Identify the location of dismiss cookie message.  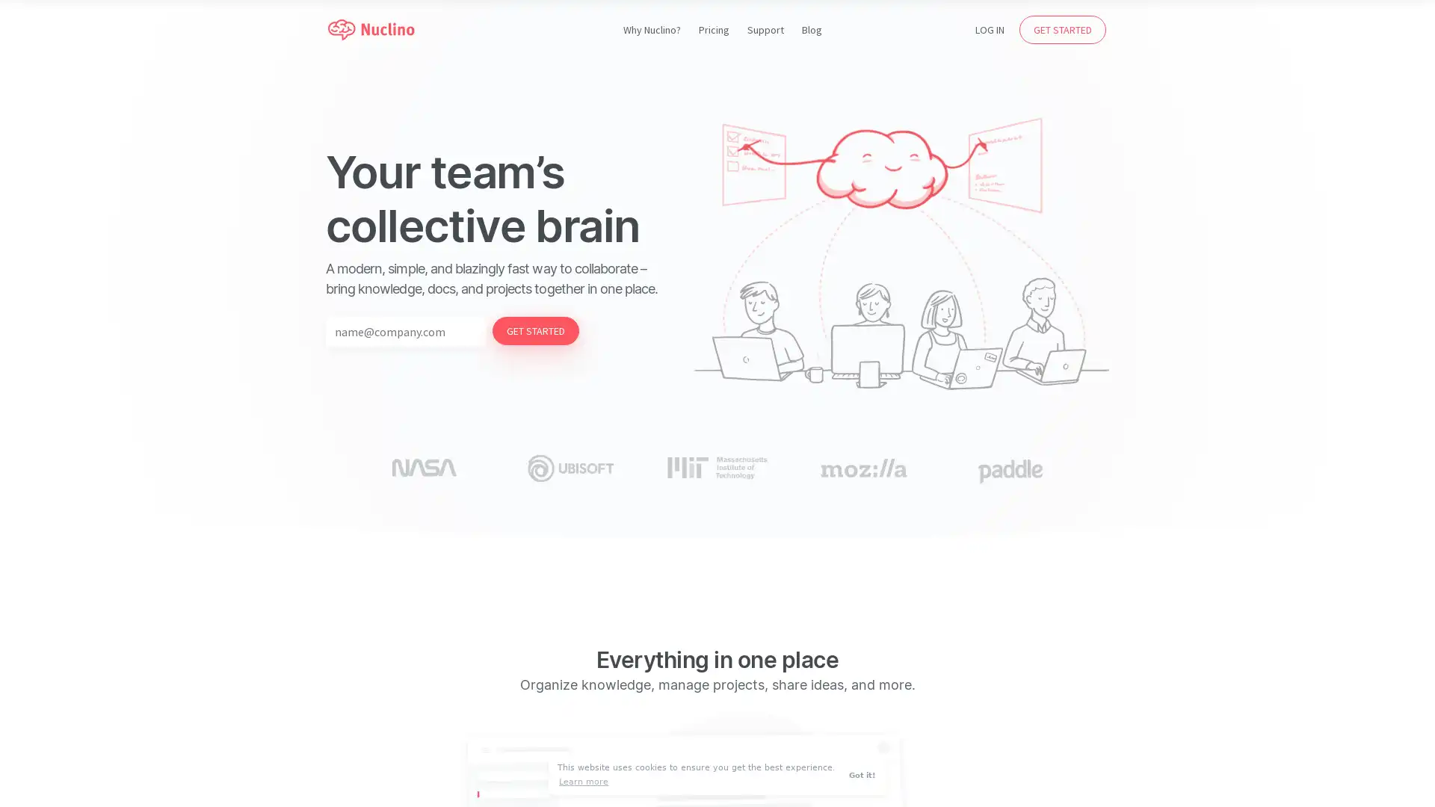
(864, 774).